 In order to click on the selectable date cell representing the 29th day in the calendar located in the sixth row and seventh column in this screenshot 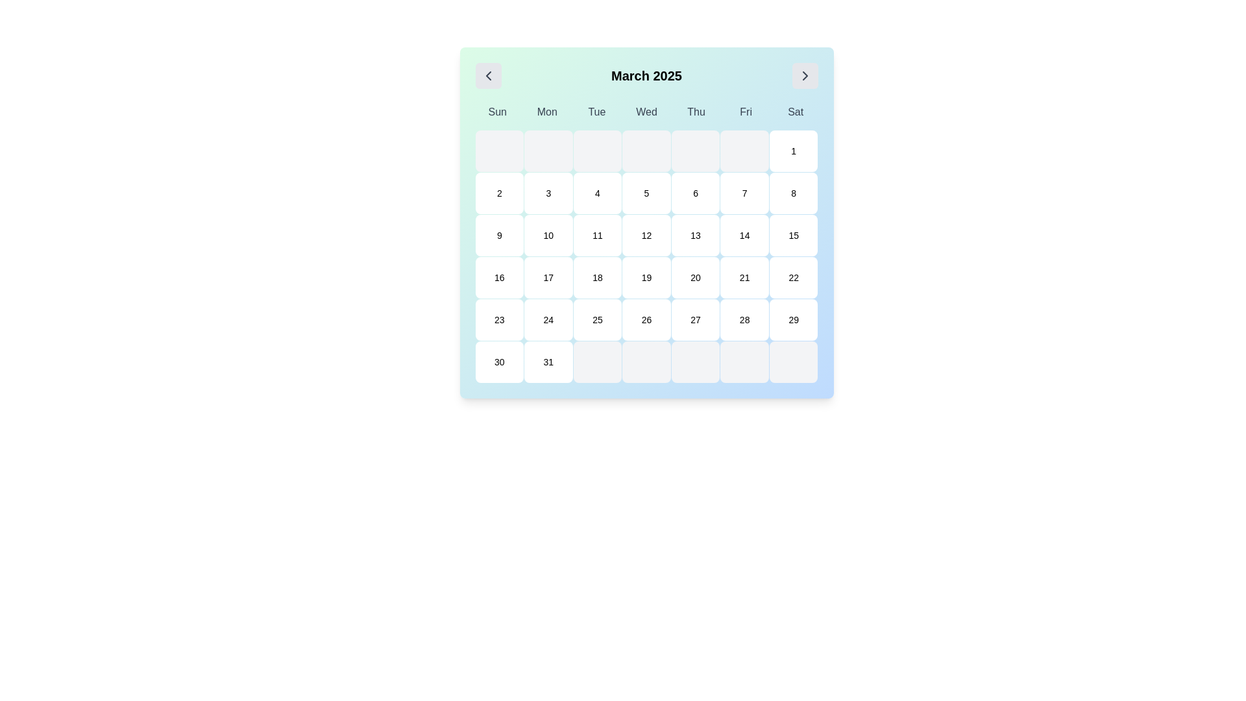, I will do `click(793, 320)`.